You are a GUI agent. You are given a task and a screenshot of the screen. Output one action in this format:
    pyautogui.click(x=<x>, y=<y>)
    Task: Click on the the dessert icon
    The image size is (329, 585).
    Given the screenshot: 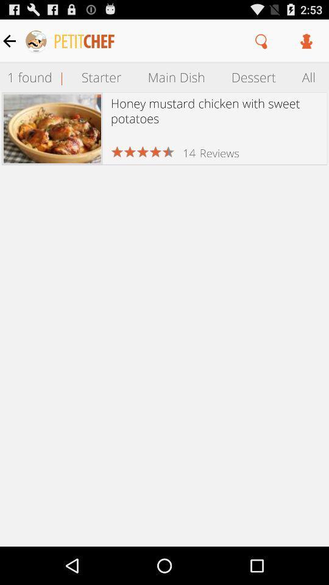 What is the action you would take?
    pyautogui.click(x=253, y=76)
    